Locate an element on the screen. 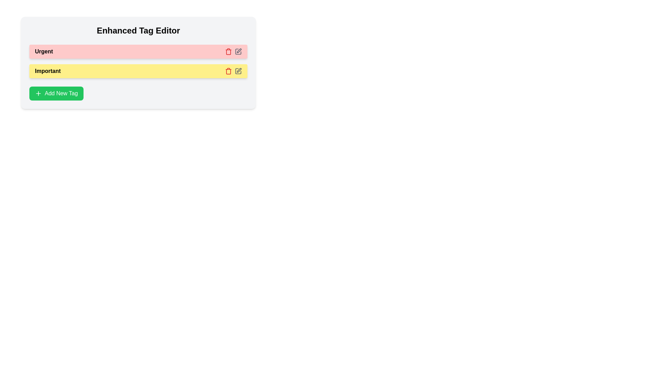 The width and height of the screenshot is (671, 377). the small gray square button with a pen icon is located at coordinates (238, 51).